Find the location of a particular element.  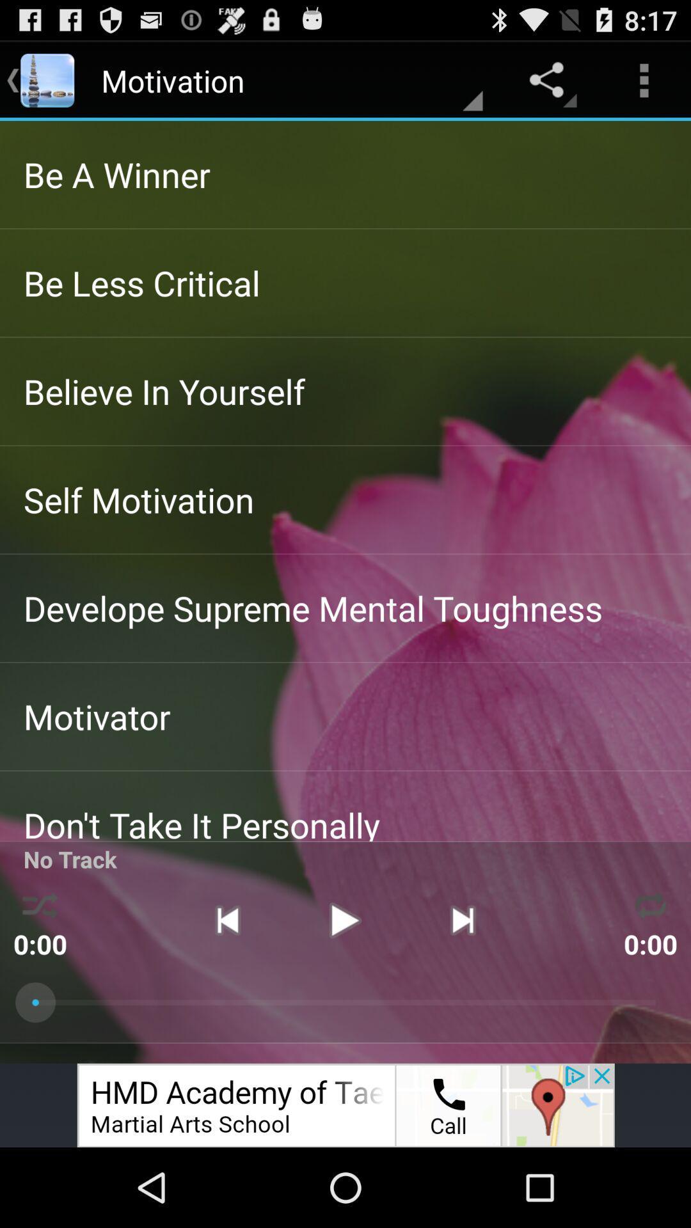

the play icon is located at coordinates (344, 984).